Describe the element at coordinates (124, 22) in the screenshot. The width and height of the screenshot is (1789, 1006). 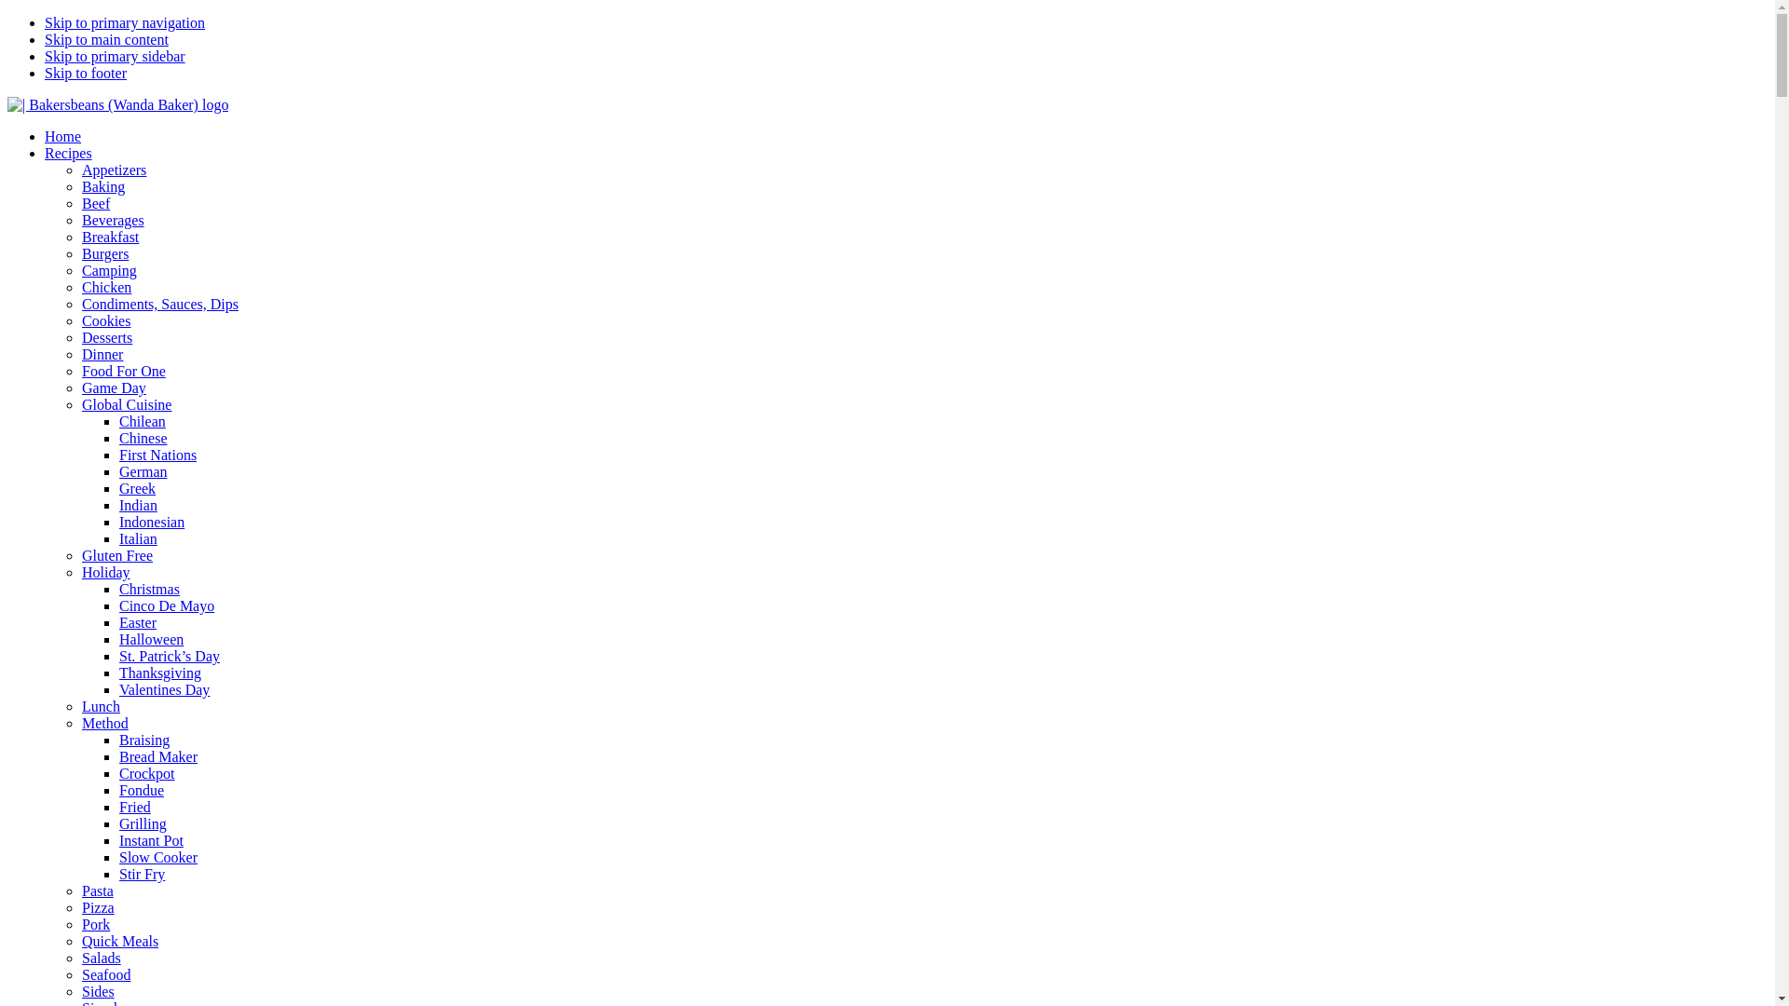
I see `'Skip to primary navigation'` at that location.